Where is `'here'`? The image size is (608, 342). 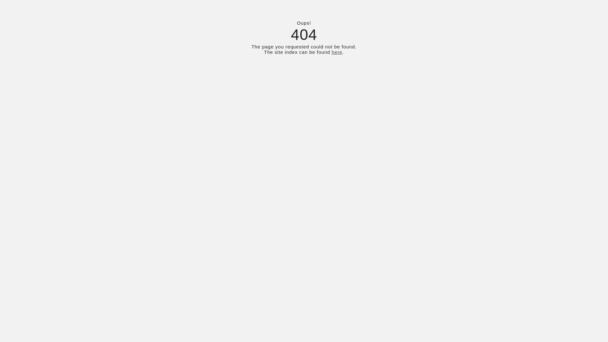
'here' is located at coordinates (337, 52).